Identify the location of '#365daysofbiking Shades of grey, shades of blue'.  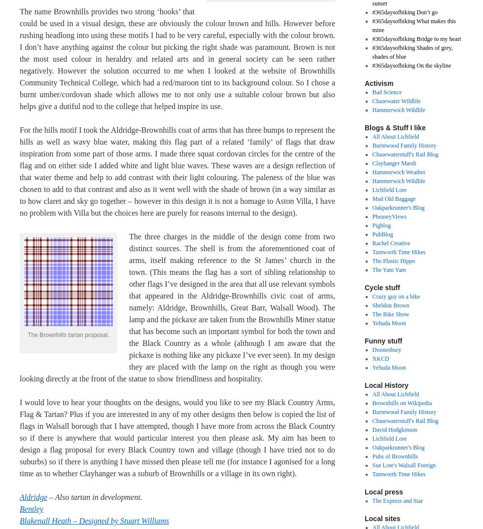
(412, 52).